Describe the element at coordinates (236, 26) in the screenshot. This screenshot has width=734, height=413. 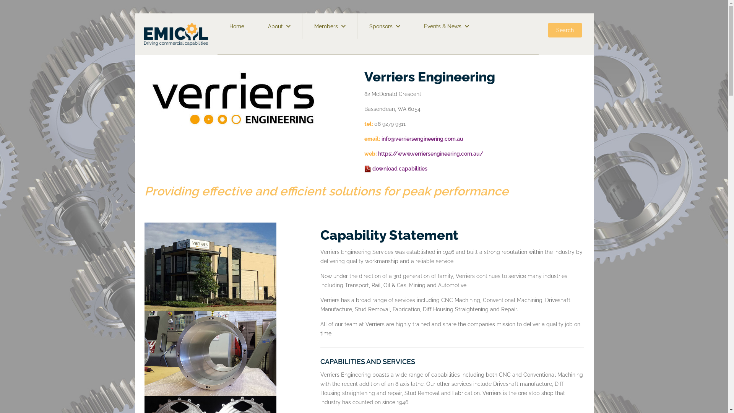
I see `'Home'` at that location.